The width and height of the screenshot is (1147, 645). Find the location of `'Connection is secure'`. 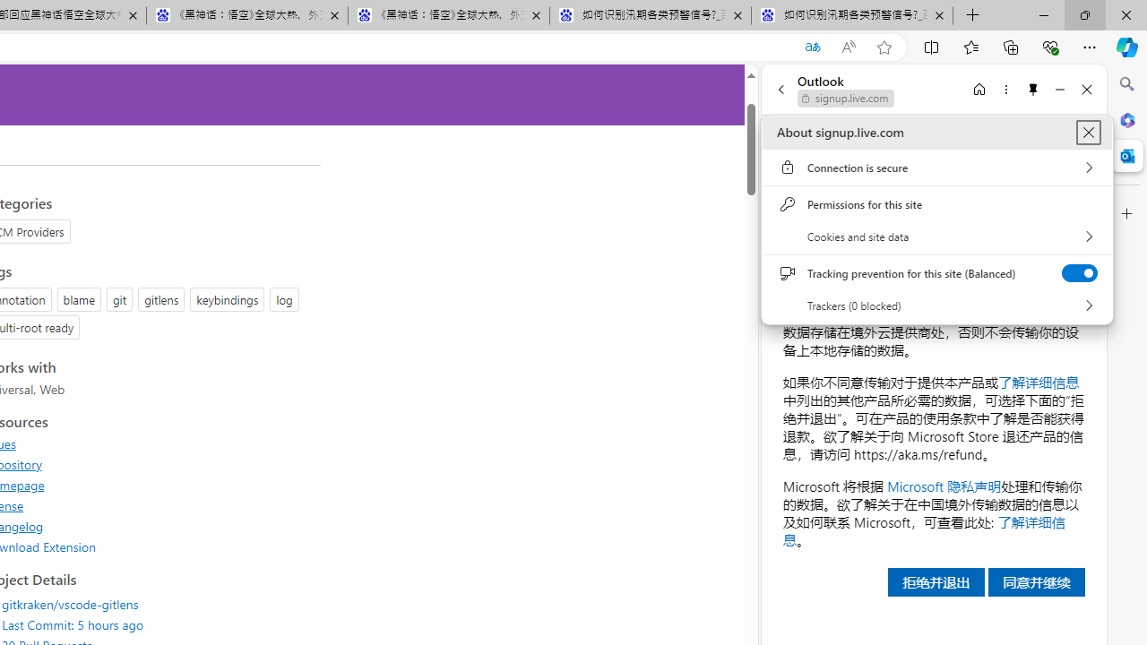

'Connection is secure' is located at coordinates (936, 168).